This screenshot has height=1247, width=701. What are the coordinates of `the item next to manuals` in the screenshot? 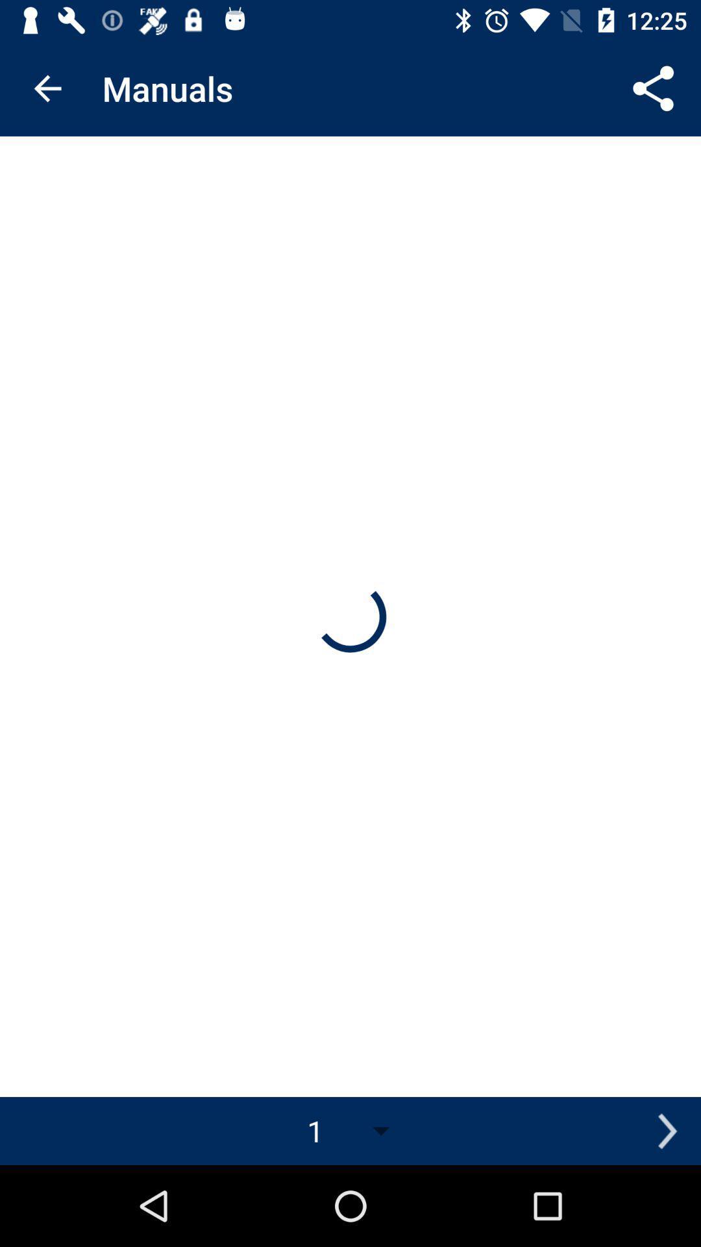 It's located at (47, 88).